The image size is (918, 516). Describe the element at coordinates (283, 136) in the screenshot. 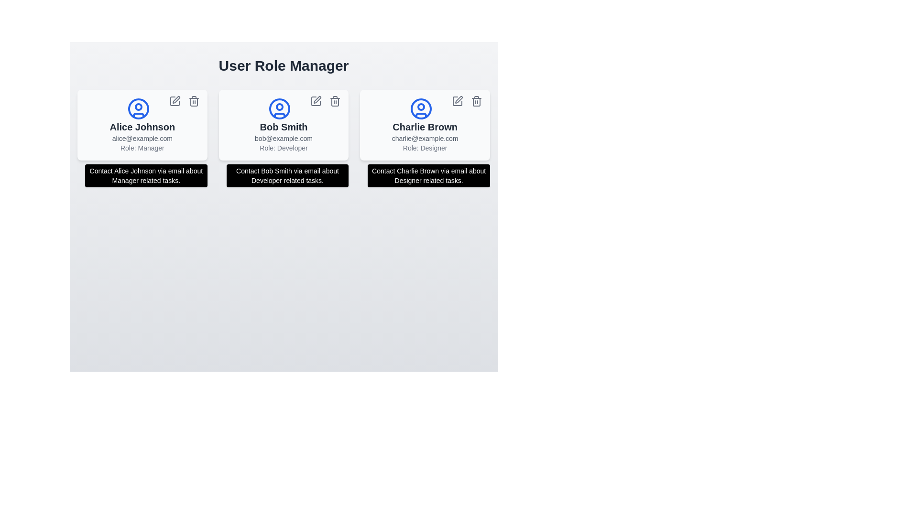

I see `the text display element that shows the user's name, email address, and role` at that location.